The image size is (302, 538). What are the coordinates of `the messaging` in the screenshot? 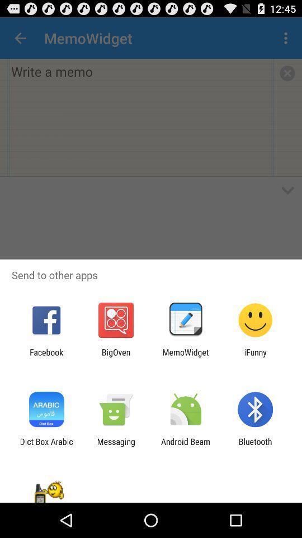 It's located at (115, 446).